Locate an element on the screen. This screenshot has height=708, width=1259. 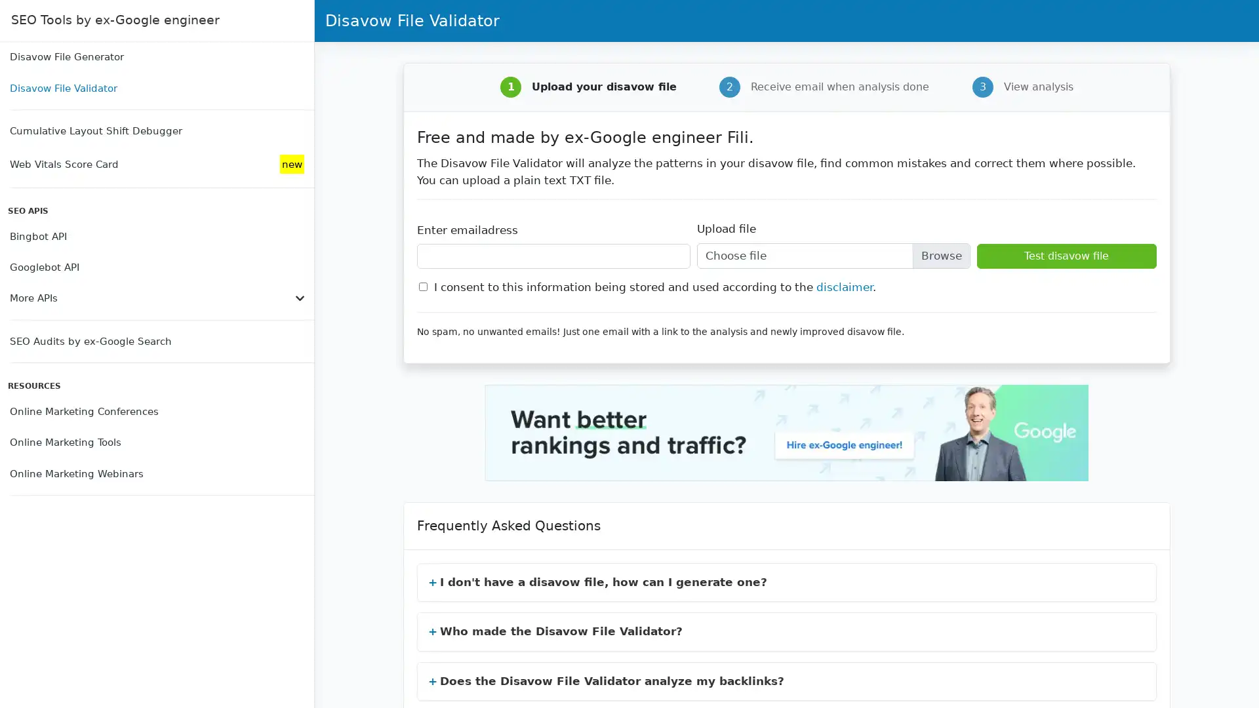
Upload file Choose file Browse is located at coordinates (832, 255).